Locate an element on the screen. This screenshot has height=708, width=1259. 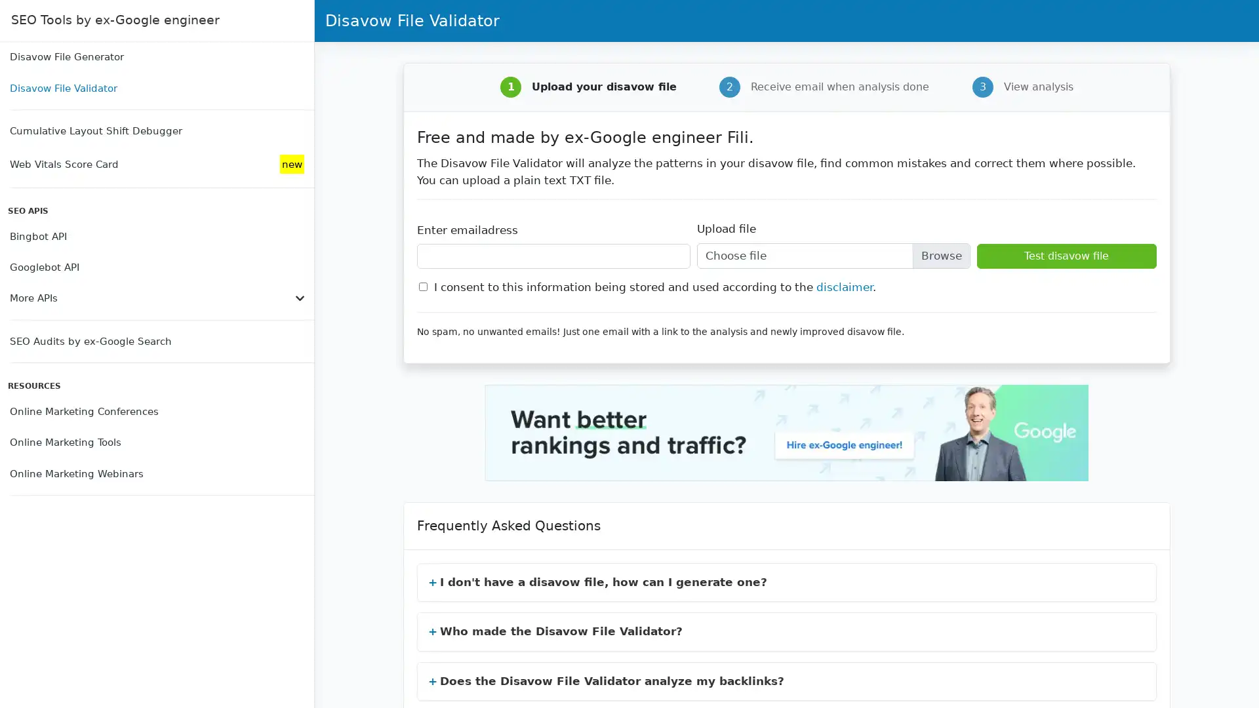
Upload file Choose file Browse is located at coordinates (832, 255).